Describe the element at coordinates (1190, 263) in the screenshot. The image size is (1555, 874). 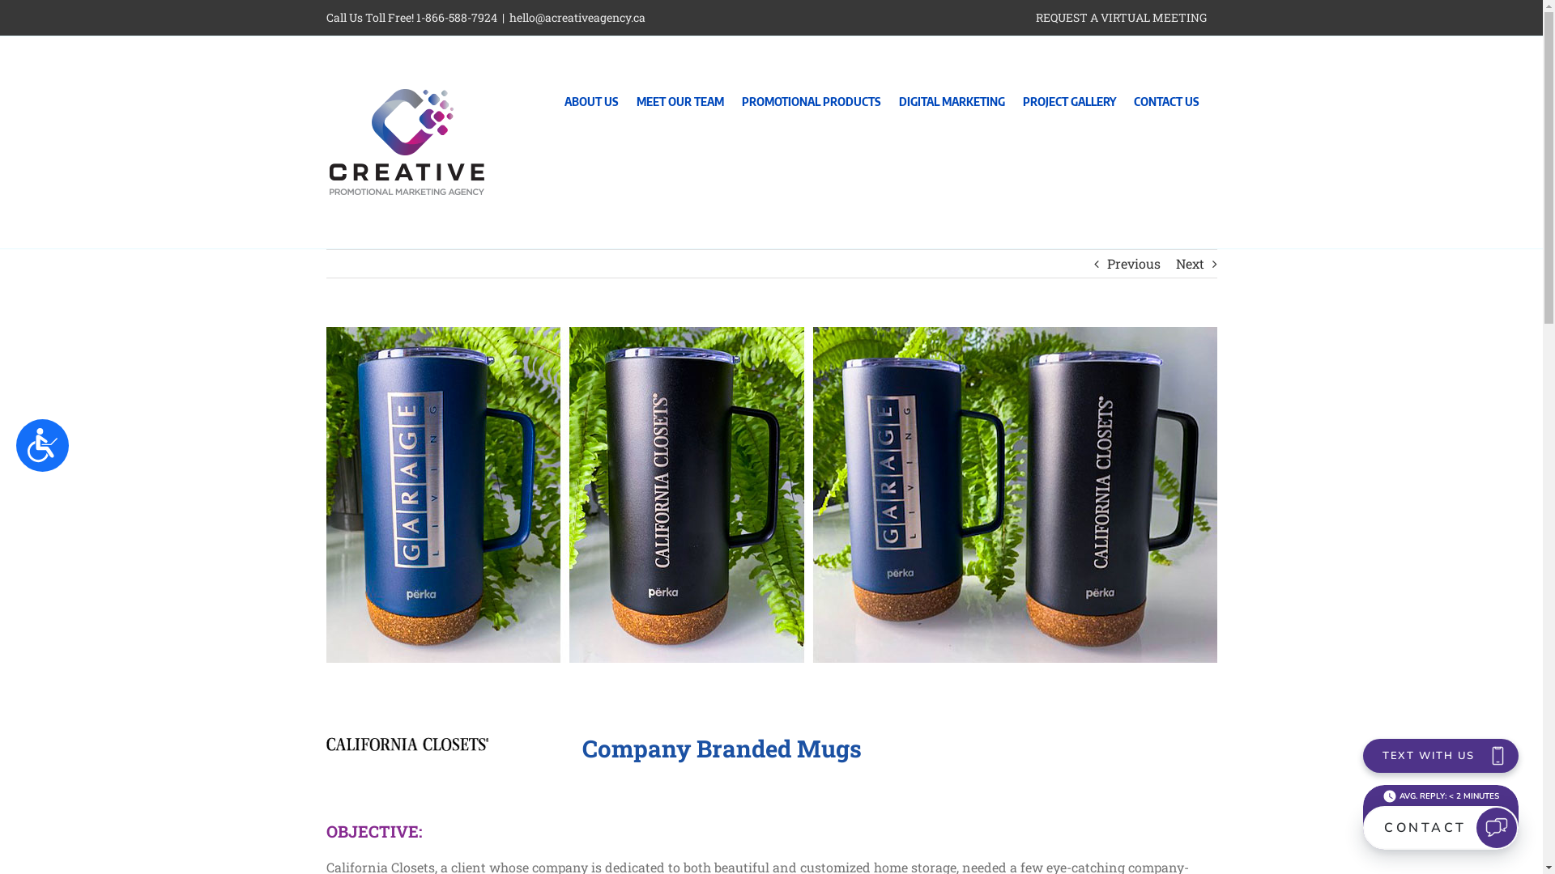
I see `'Next'` at that location.